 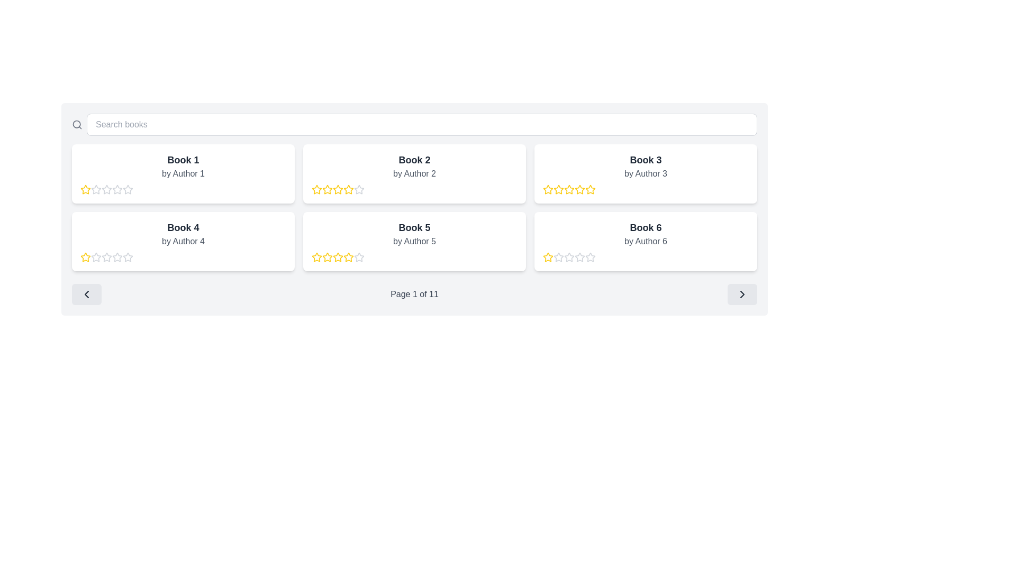 What do you see at coordinates (414, 227) in the screenshot?
I see `title of the book displayed in the text label located in the second row of the grid layout, centrally aligned within its tile` at bounding box center [414, 227].